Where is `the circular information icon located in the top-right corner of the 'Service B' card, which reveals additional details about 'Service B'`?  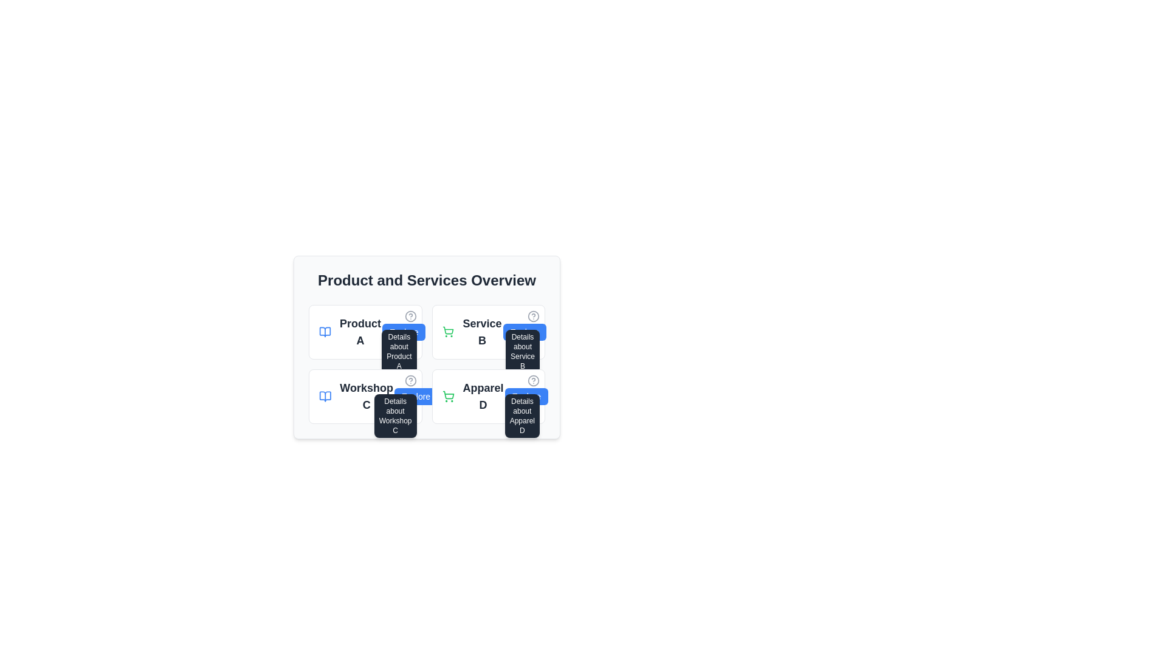
the circular information icon located in the top-right corner of the 'Service B' card, which reveals additional details about 'Service B' is located at coordinates (534, 315).